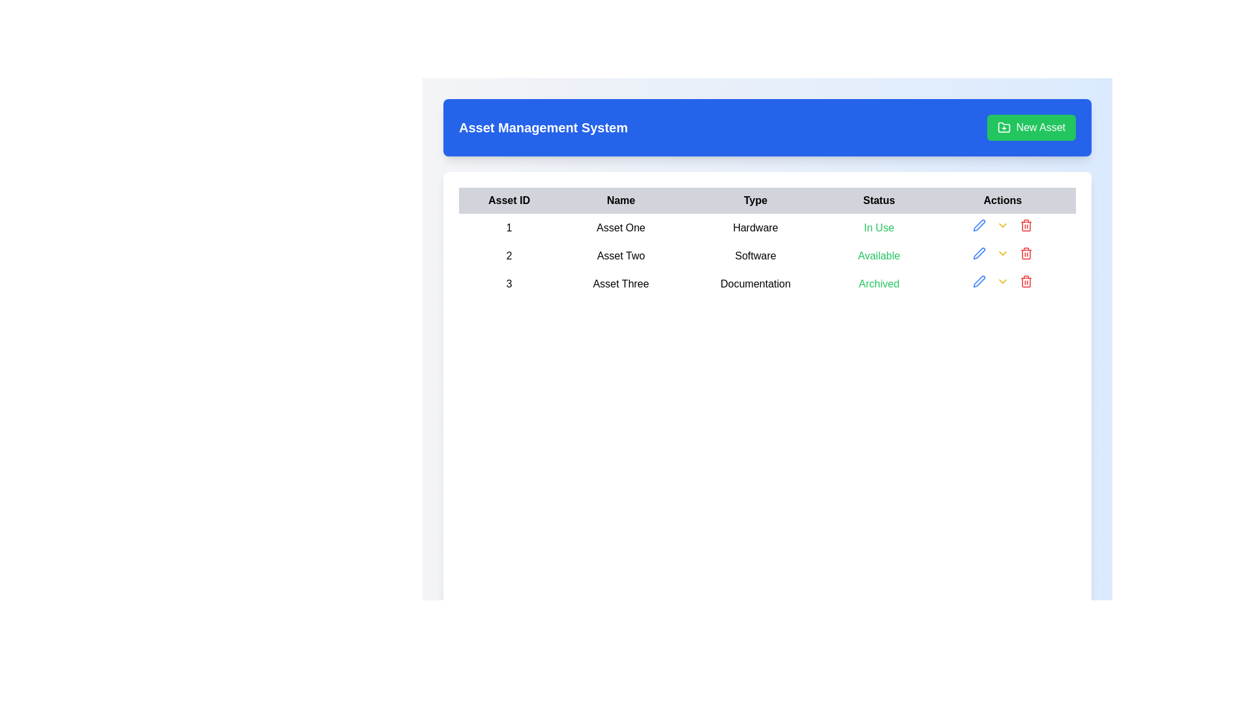 Image resolution: width=1252 pixels, height=704 pixels. I want to click on the Text label displaying the asset ID in the first column of the second row under the heading 'Asset ID', located to the left of 'Asset Two' and above the numeral '3', so click(508, 256).